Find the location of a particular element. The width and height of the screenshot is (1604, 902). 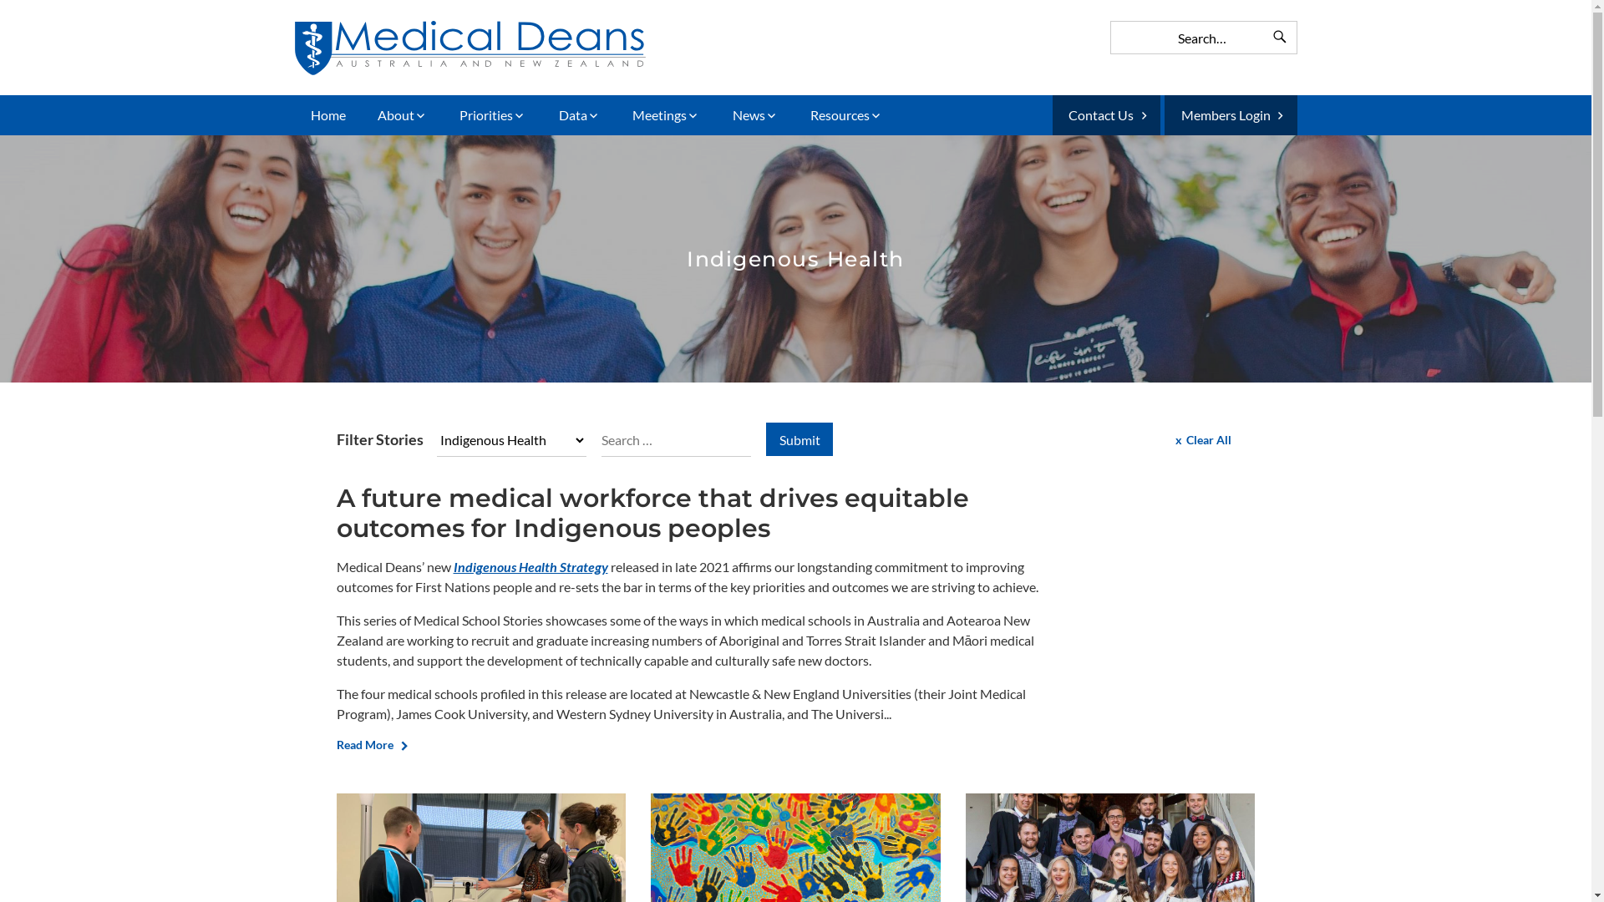

'About' is located at coordinates (402, 114).